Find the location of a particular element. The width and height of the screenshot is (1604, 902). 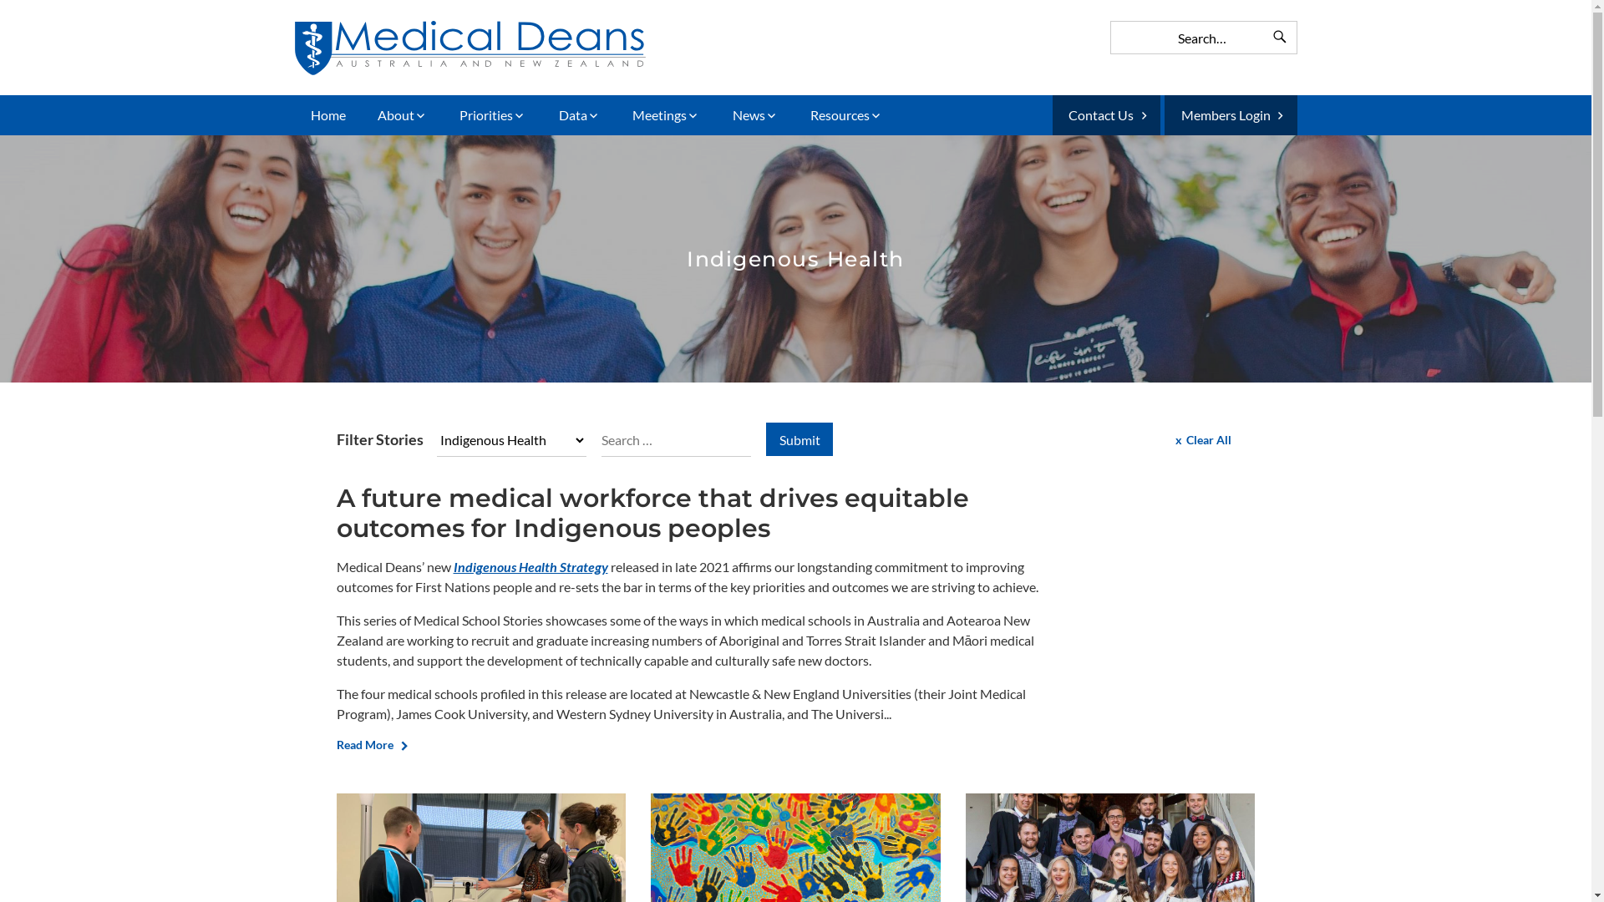

'About' is located at coordinates (402, 114).